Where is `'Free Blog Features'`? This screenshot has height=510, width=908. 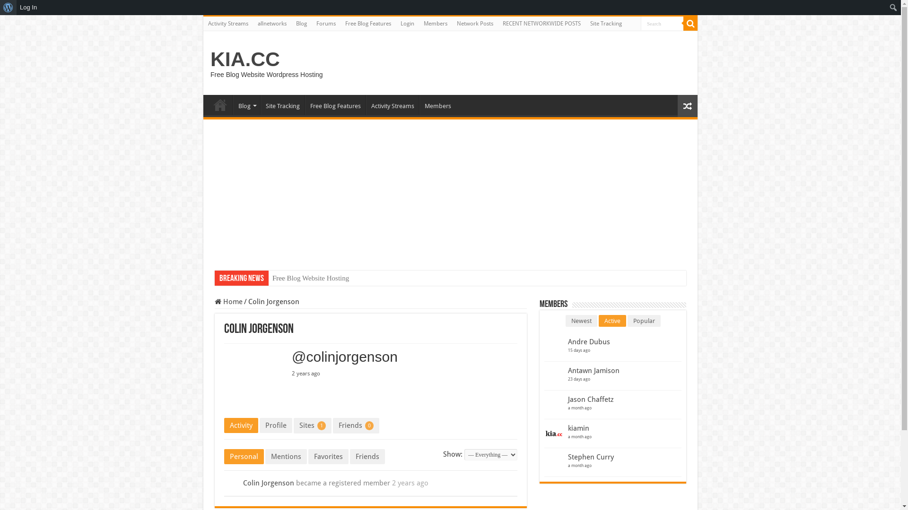
'Free Blog Features' is located at coordinates (335, 105).